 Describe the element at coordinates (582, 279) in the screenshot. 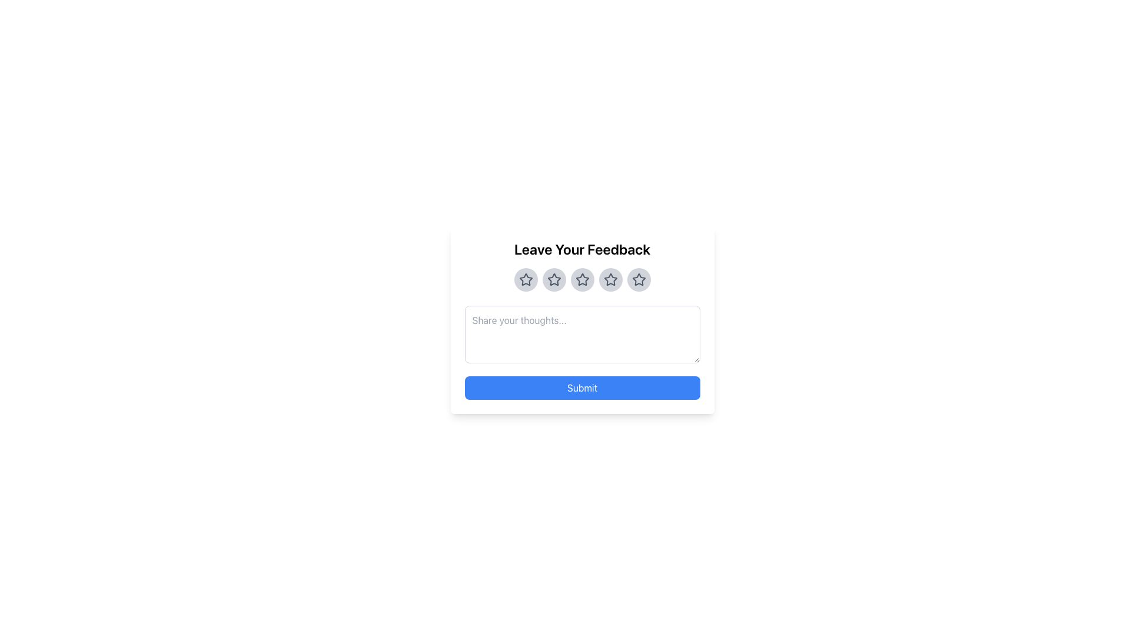

I see `the third star icon in the rating mechanism, which is located centrally below the text 'Leave Your Feedback' and above the text input field` at that location.